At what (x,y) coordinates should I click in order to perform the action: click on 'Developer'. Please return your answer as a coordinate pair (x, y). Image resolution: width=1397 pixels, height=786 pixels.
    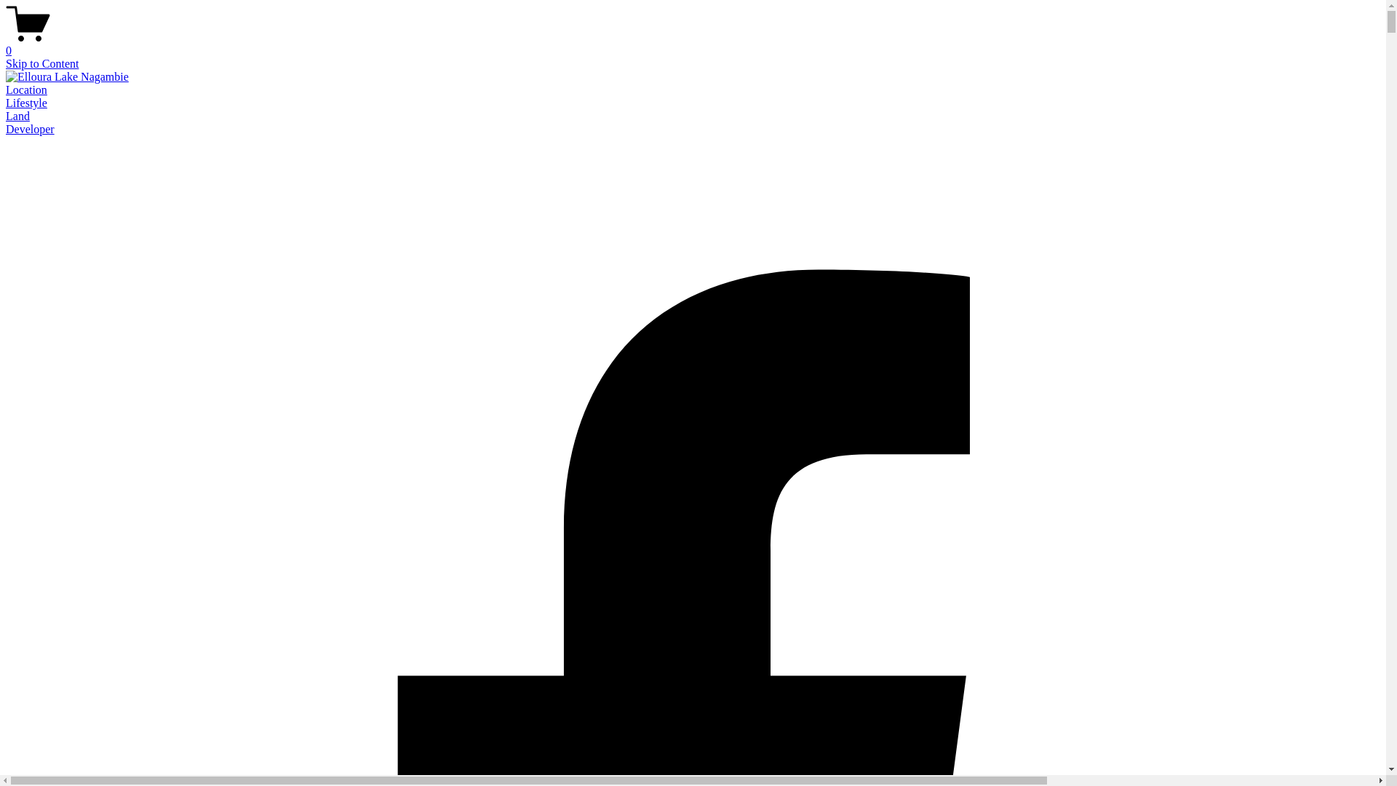
    Looking at the image, I should click on (30, 128).